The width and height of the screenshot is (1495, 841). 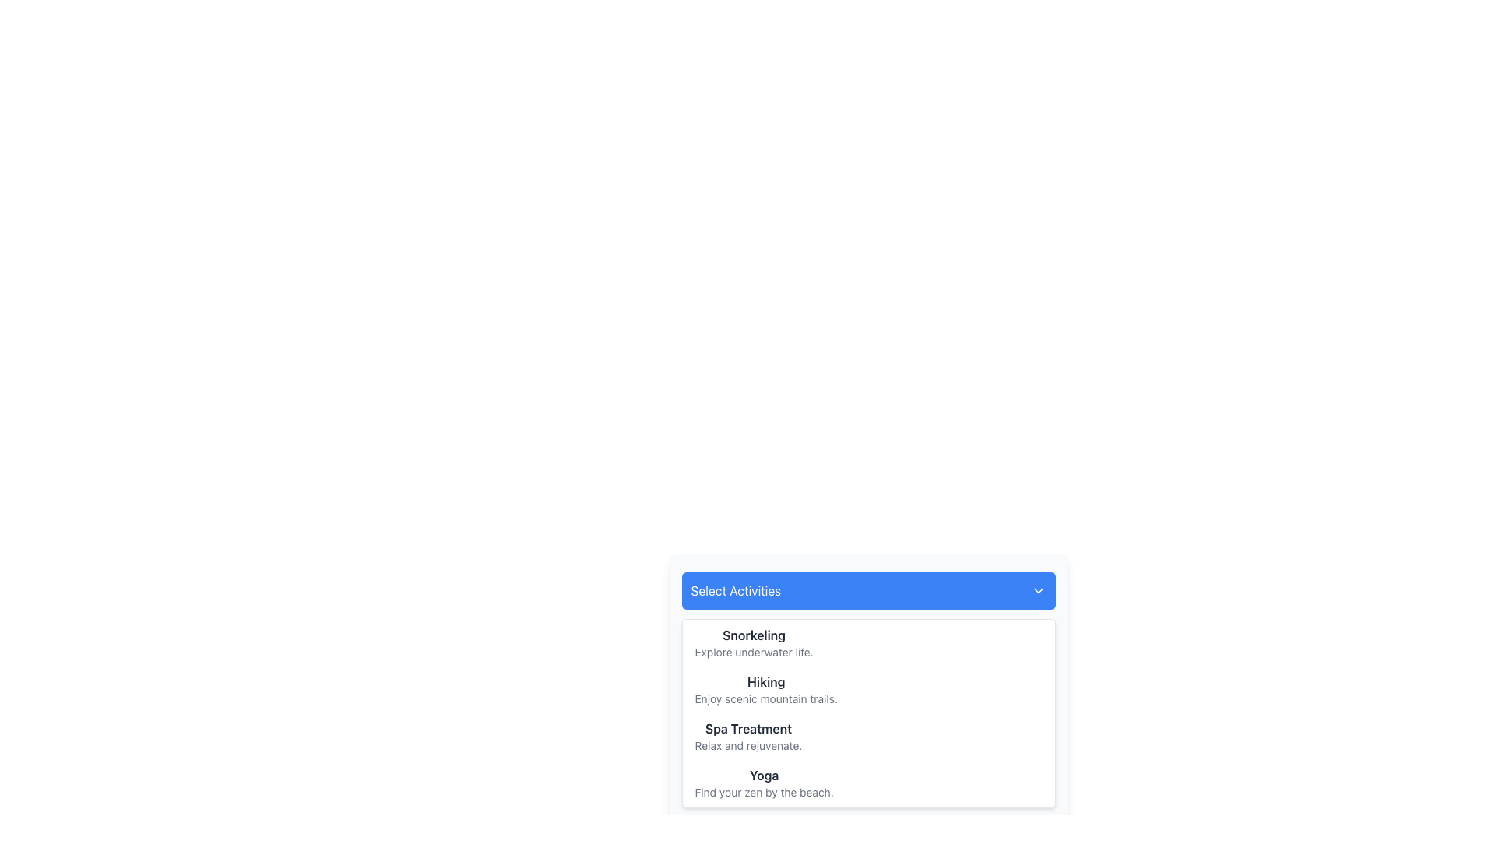 I want to click on the 'Hiking' label in the dropdown menu under 'Select Activities', so click(x=766, y=681).